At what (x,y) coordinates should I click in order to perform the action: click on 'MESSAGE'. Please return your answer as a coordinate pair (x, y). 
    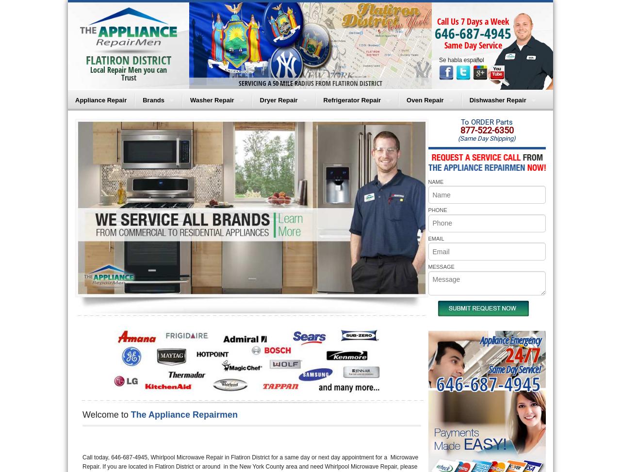
    Looking at the image, I should click on (441, 266).